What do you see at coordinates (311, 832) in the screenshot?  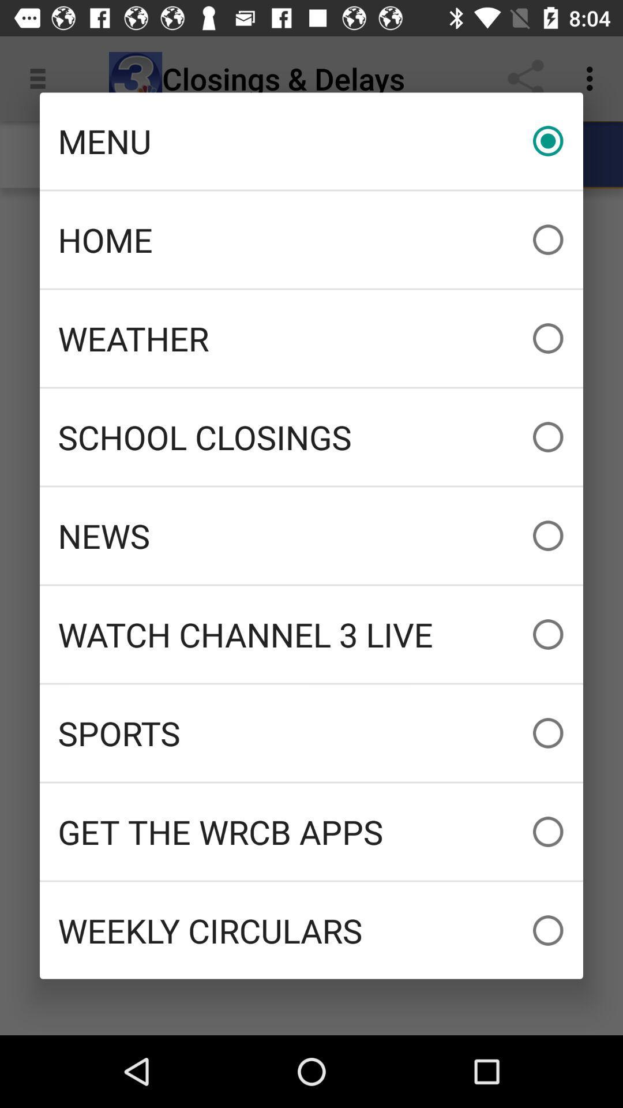 I see `get the wrcb icon` at bounding box center [311, 832].